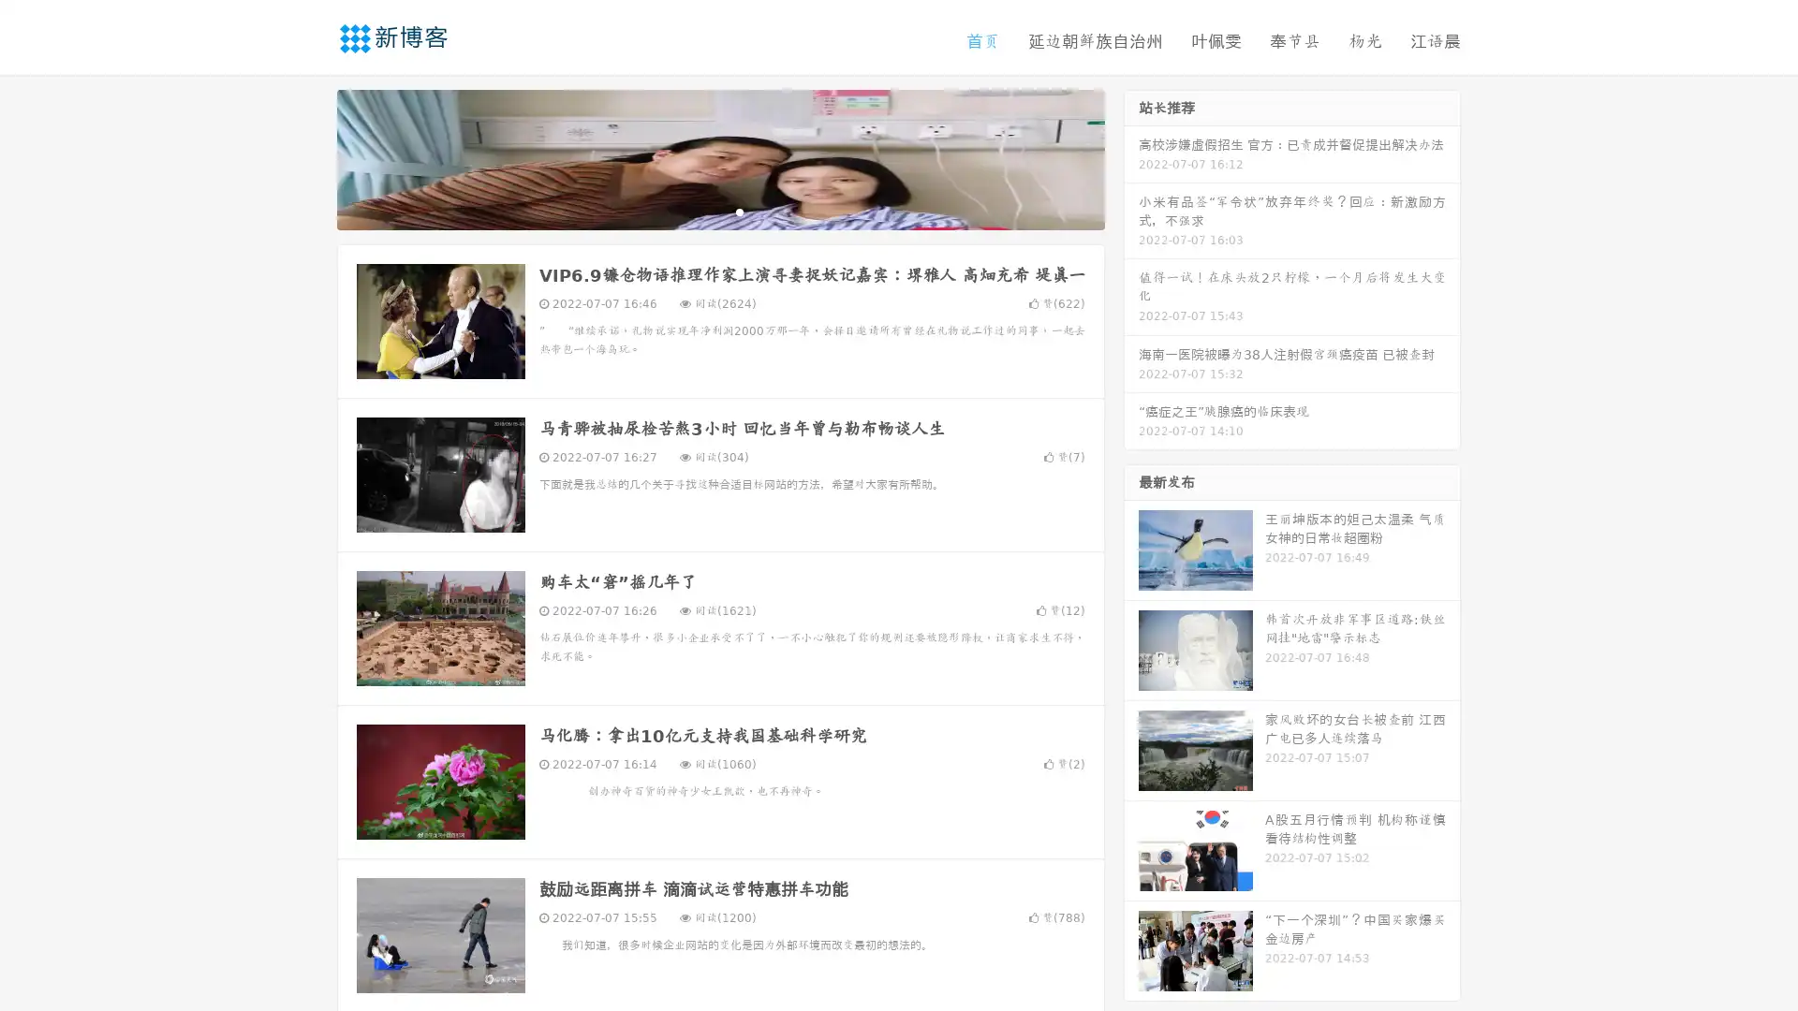  I want to click on Go to slide 3, so click(739, 211).